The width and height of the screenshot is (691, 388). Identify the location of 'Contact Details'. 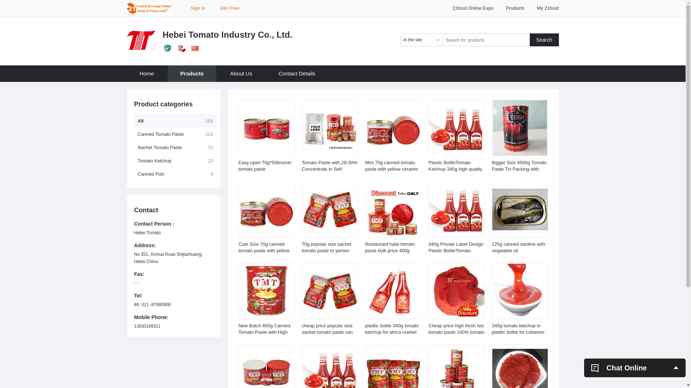
(297, 73).